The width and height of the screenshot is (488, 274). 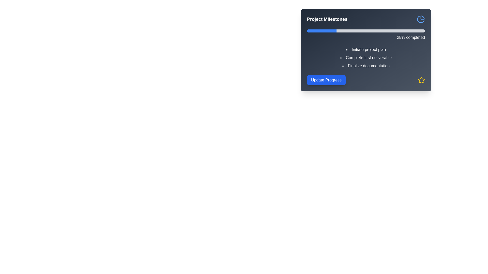 What do you see at coordinates (366, 35) in the screenshot?
I see `text '25% completed' displayed next to the horizontal progress bar indicating the current progress of the project milestones` at bounding box center [366, 35].